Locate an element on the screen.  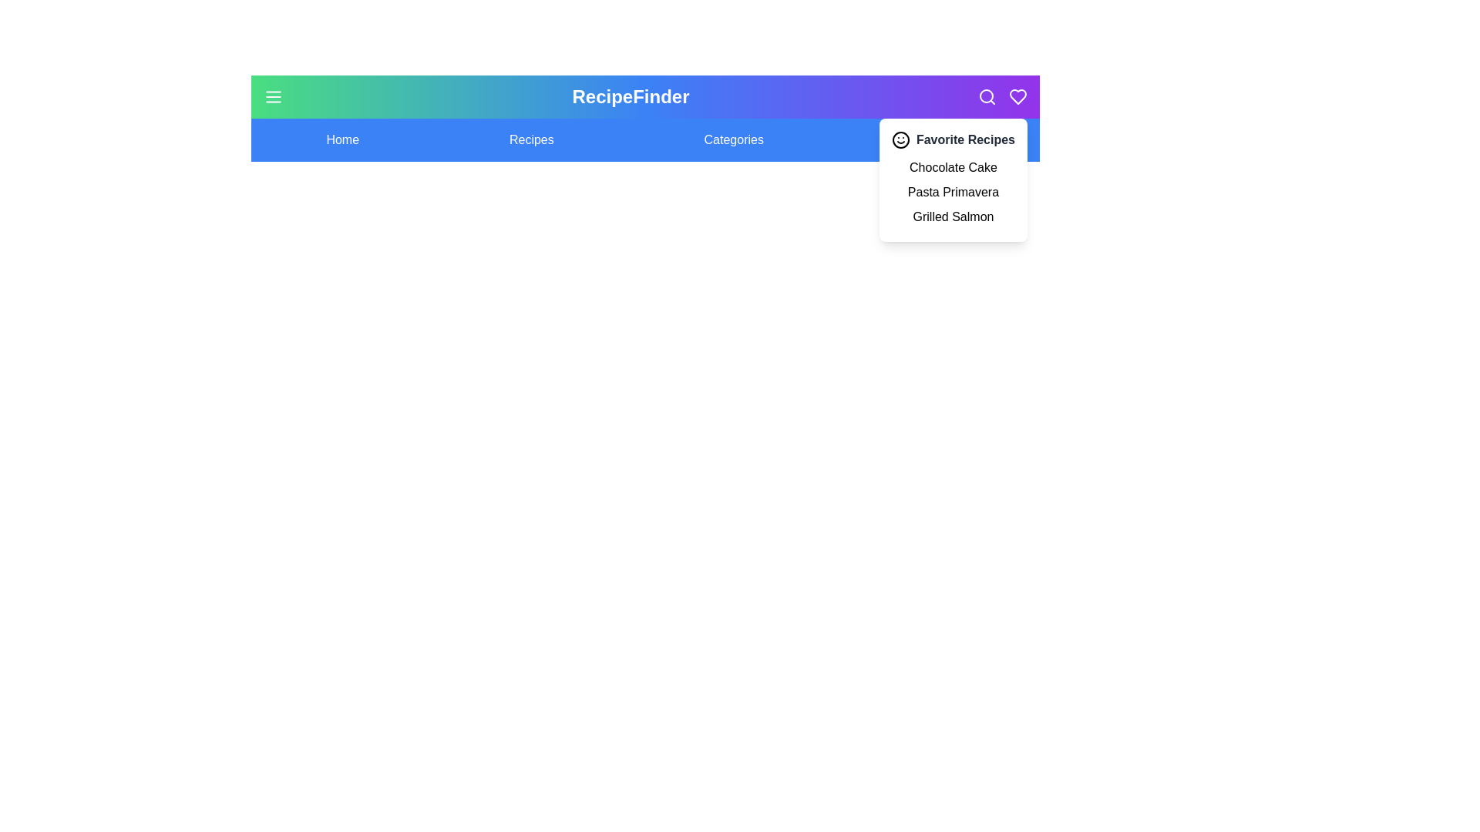
the menu button to toggle the menu visibility is located at coordinates (274, 97).